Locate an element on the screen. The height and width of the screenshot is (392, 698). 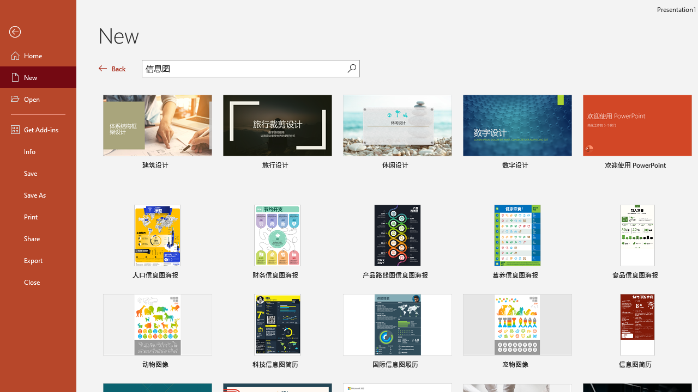
'Info' is located at coordinates (38, 151).